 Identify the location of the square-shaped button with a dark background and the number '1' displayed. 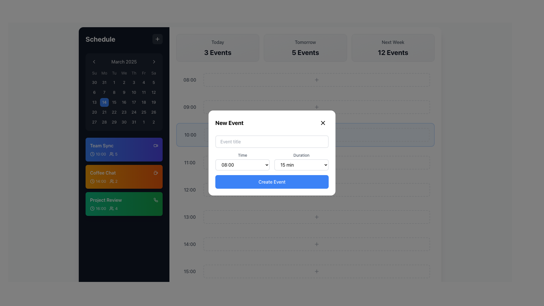
(144, 122).